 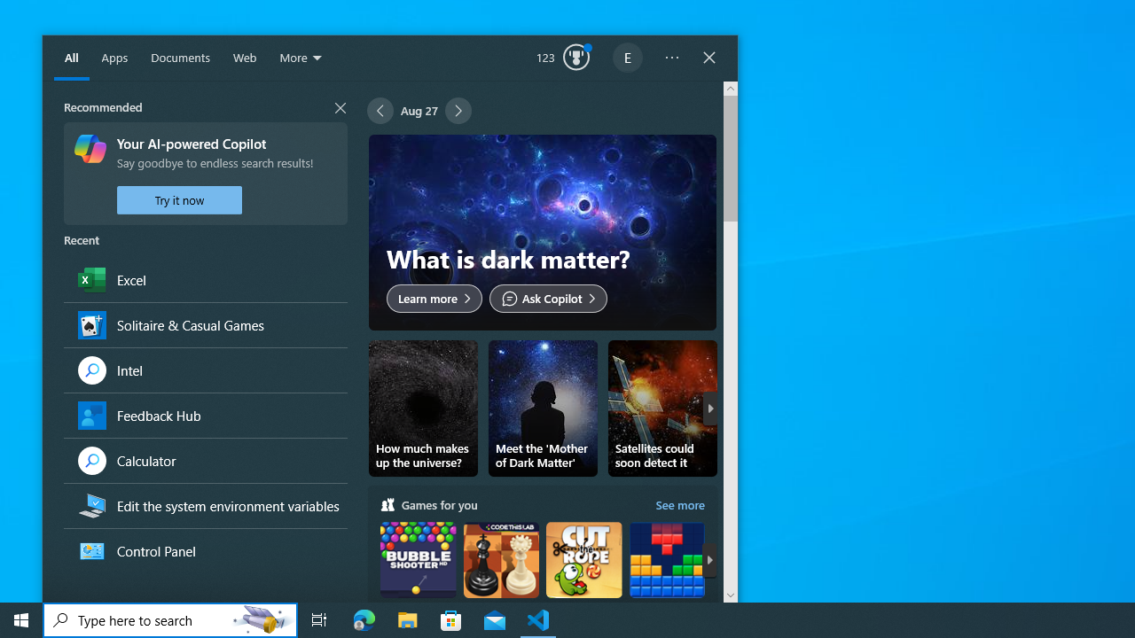 What do you see at coordinates (179, 199) in the screenshot?
I see `'Try it now'` at bounding box center [179, 199].